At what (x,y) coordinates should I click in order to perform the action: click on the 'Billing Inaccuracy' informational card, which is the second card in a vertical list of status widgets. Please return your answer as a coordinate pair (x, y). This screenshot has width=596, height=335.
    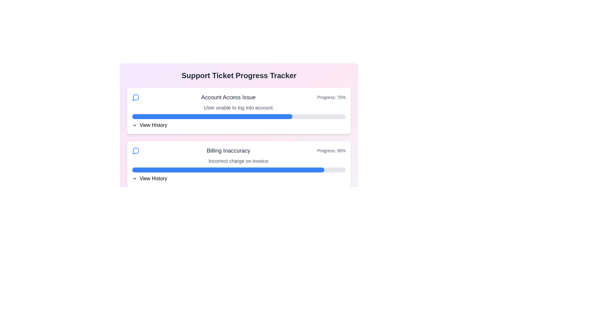
    Looking at the image, I should click on (238, 164).